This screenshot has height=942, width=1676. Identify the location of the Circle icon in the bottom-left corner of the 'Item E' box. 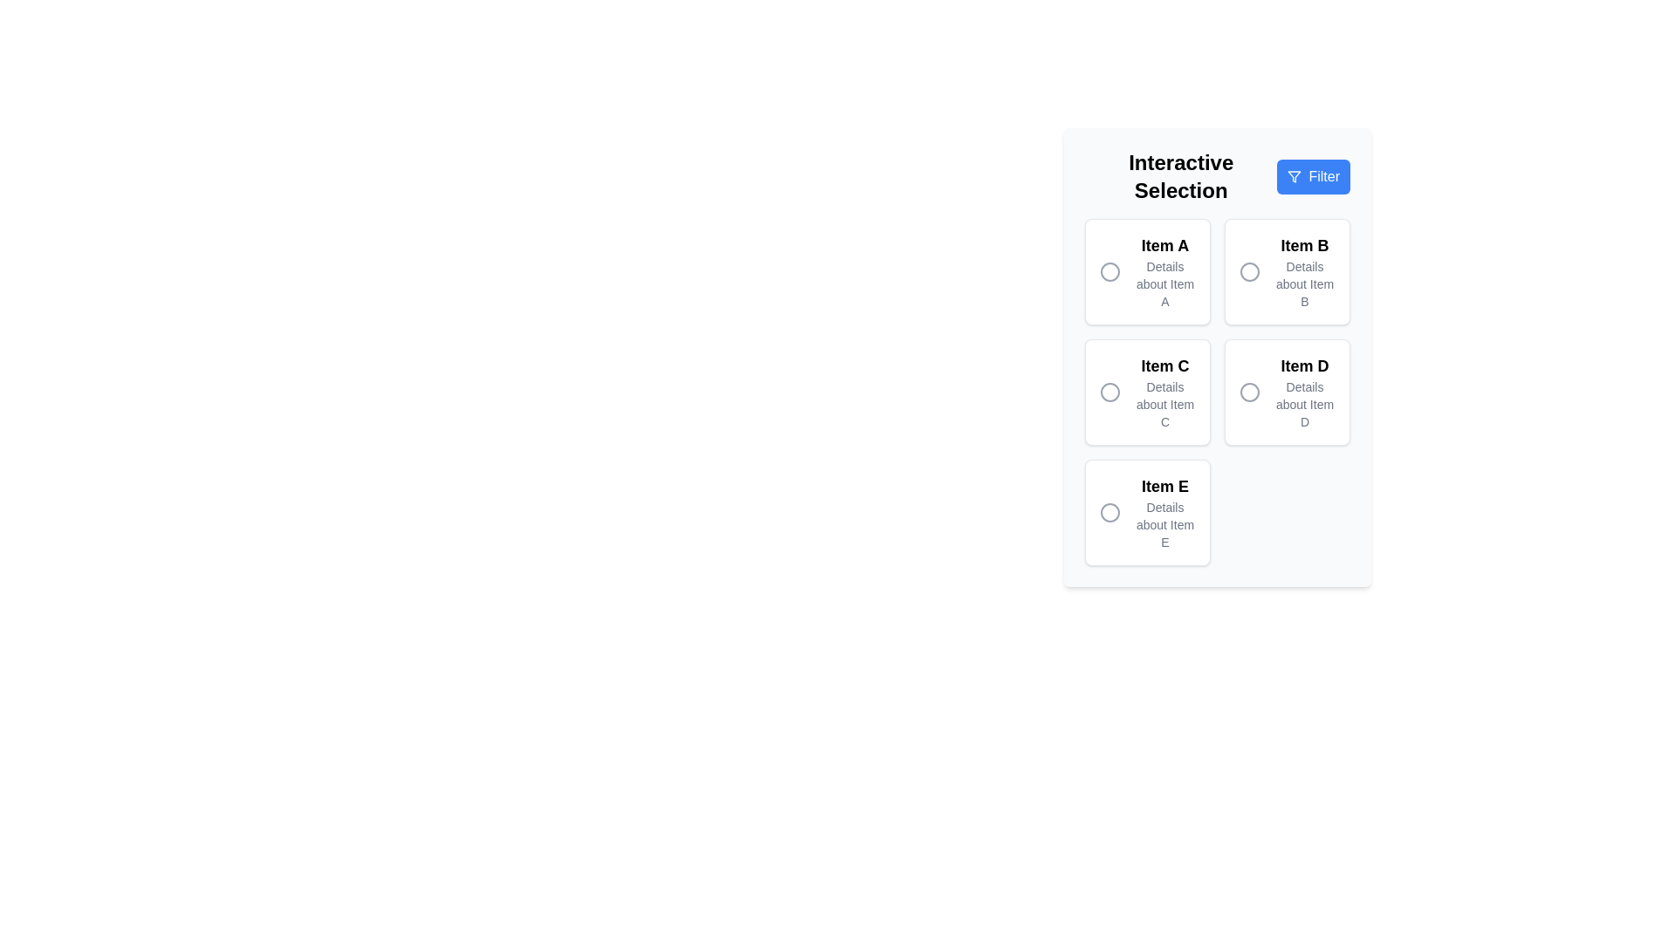
(1109, 511).